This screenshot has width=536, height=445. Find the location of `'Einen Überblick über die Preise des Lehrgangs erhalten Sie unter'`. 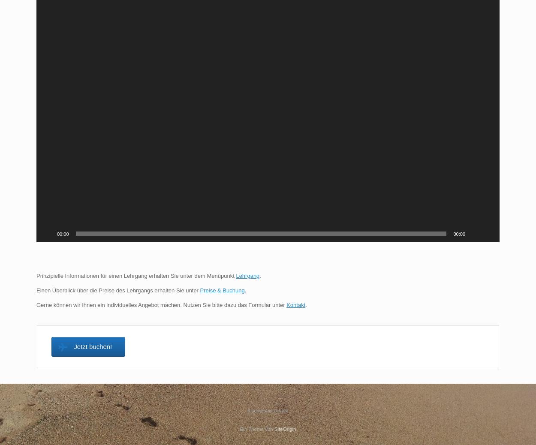

'Einen Überblick über die Preise des Lehrgangs erhalten Sie unter' is located at coordinates (118, 290).